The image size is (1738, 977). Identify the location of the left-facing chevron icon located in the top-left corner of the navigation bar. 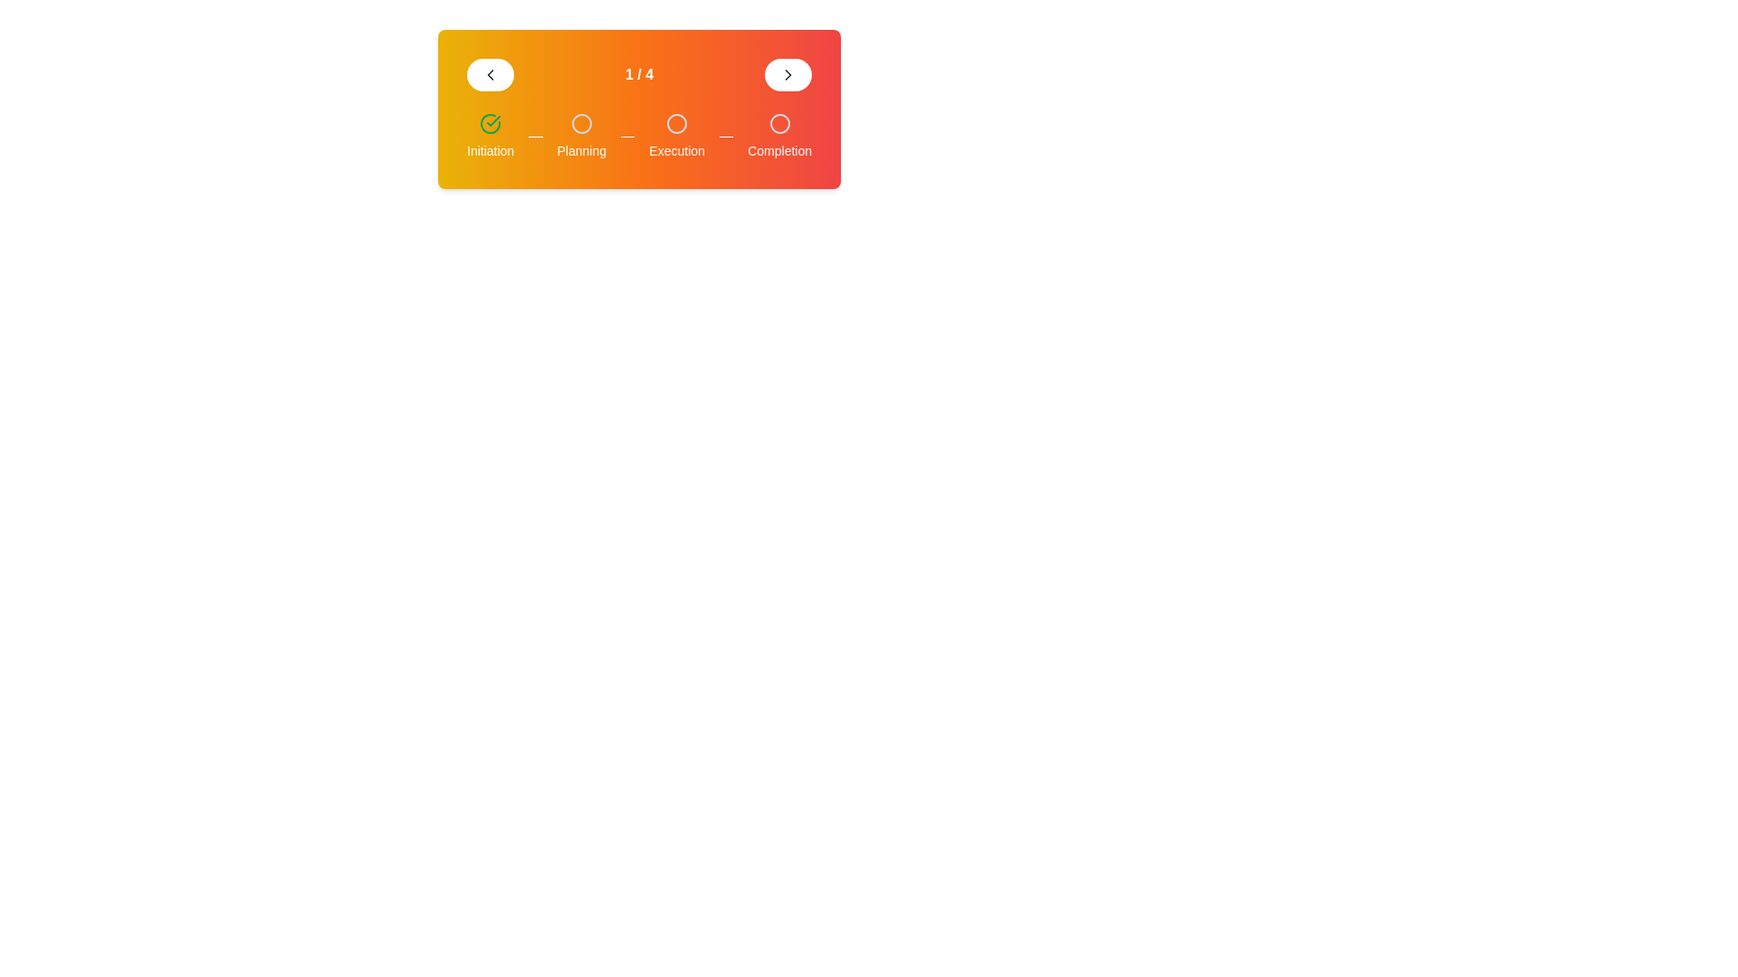
(491, 74).